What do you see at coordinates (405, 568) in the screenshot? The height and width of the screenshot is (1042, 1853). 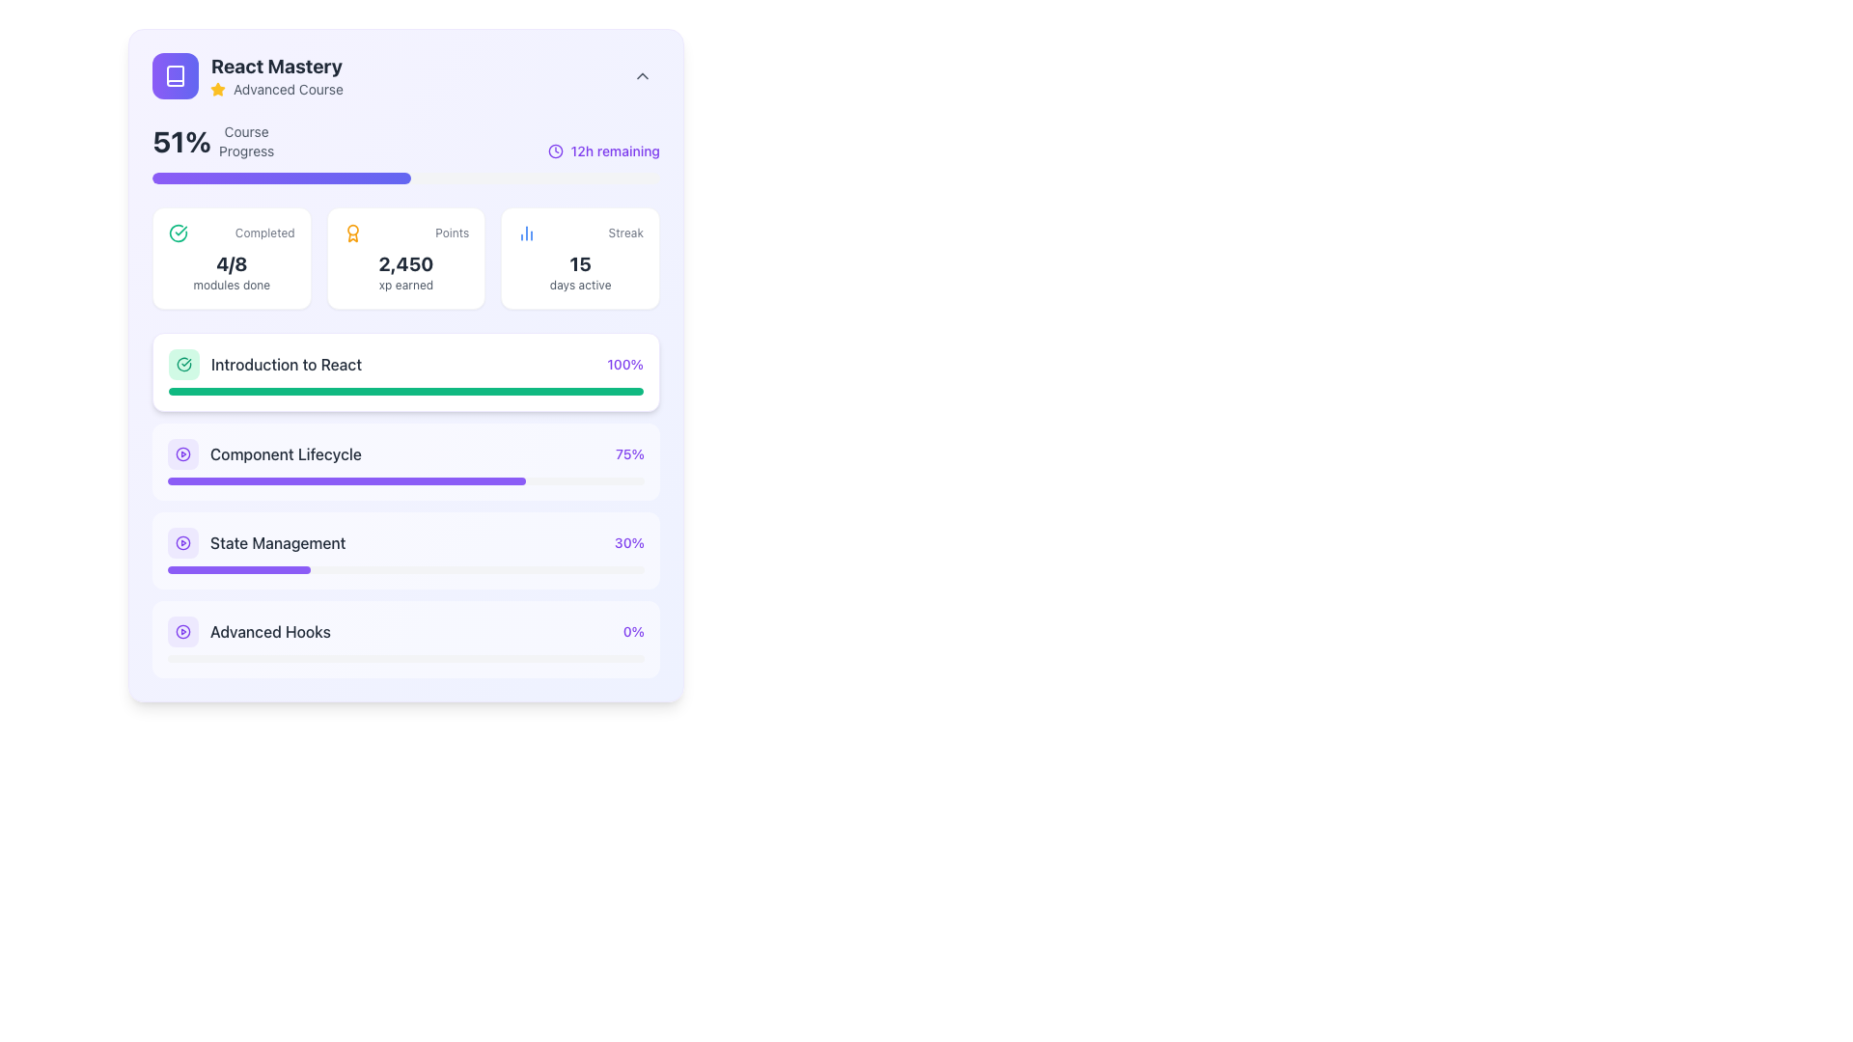 I see `the progress bar located below the text 'State Management 30%' in the 'State Management' section, which is the third progress bar in the vertical list` at bounding box center [405, 568].